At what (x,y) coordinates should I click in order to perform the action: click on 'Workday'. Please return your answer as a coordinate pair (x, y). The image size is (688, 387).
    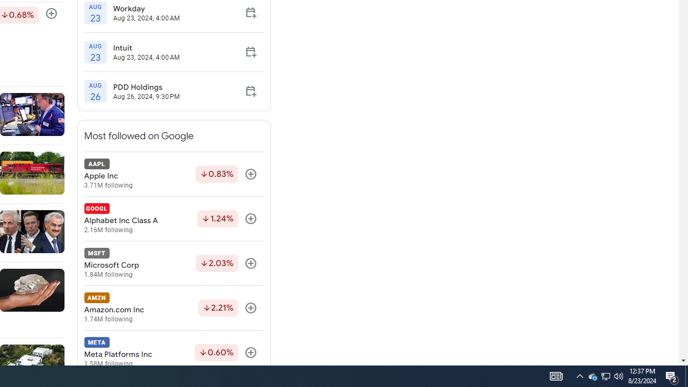
    Looking at the image, I should click on (146, 8).